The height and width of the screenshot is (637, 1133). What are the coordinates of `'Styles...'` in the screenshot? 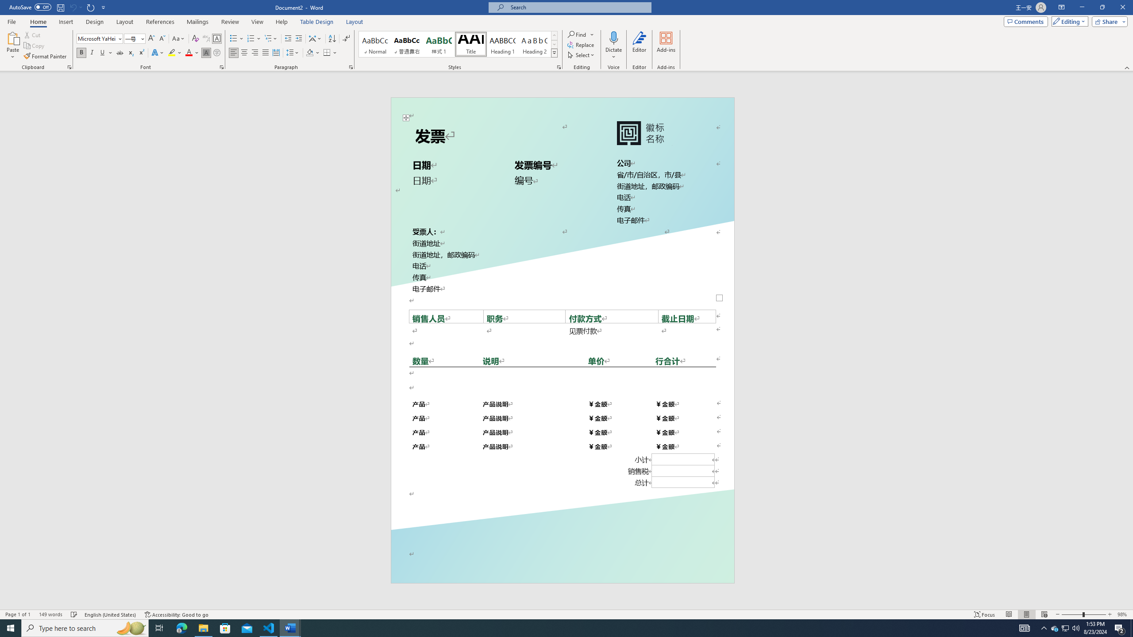 It's located at (558, 66).